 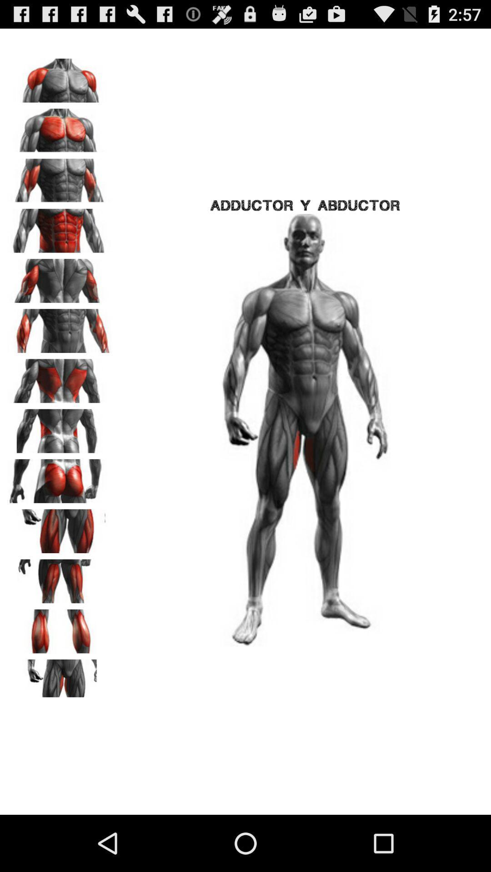 I want to click on the pause icon, so click(x=60, y=672).